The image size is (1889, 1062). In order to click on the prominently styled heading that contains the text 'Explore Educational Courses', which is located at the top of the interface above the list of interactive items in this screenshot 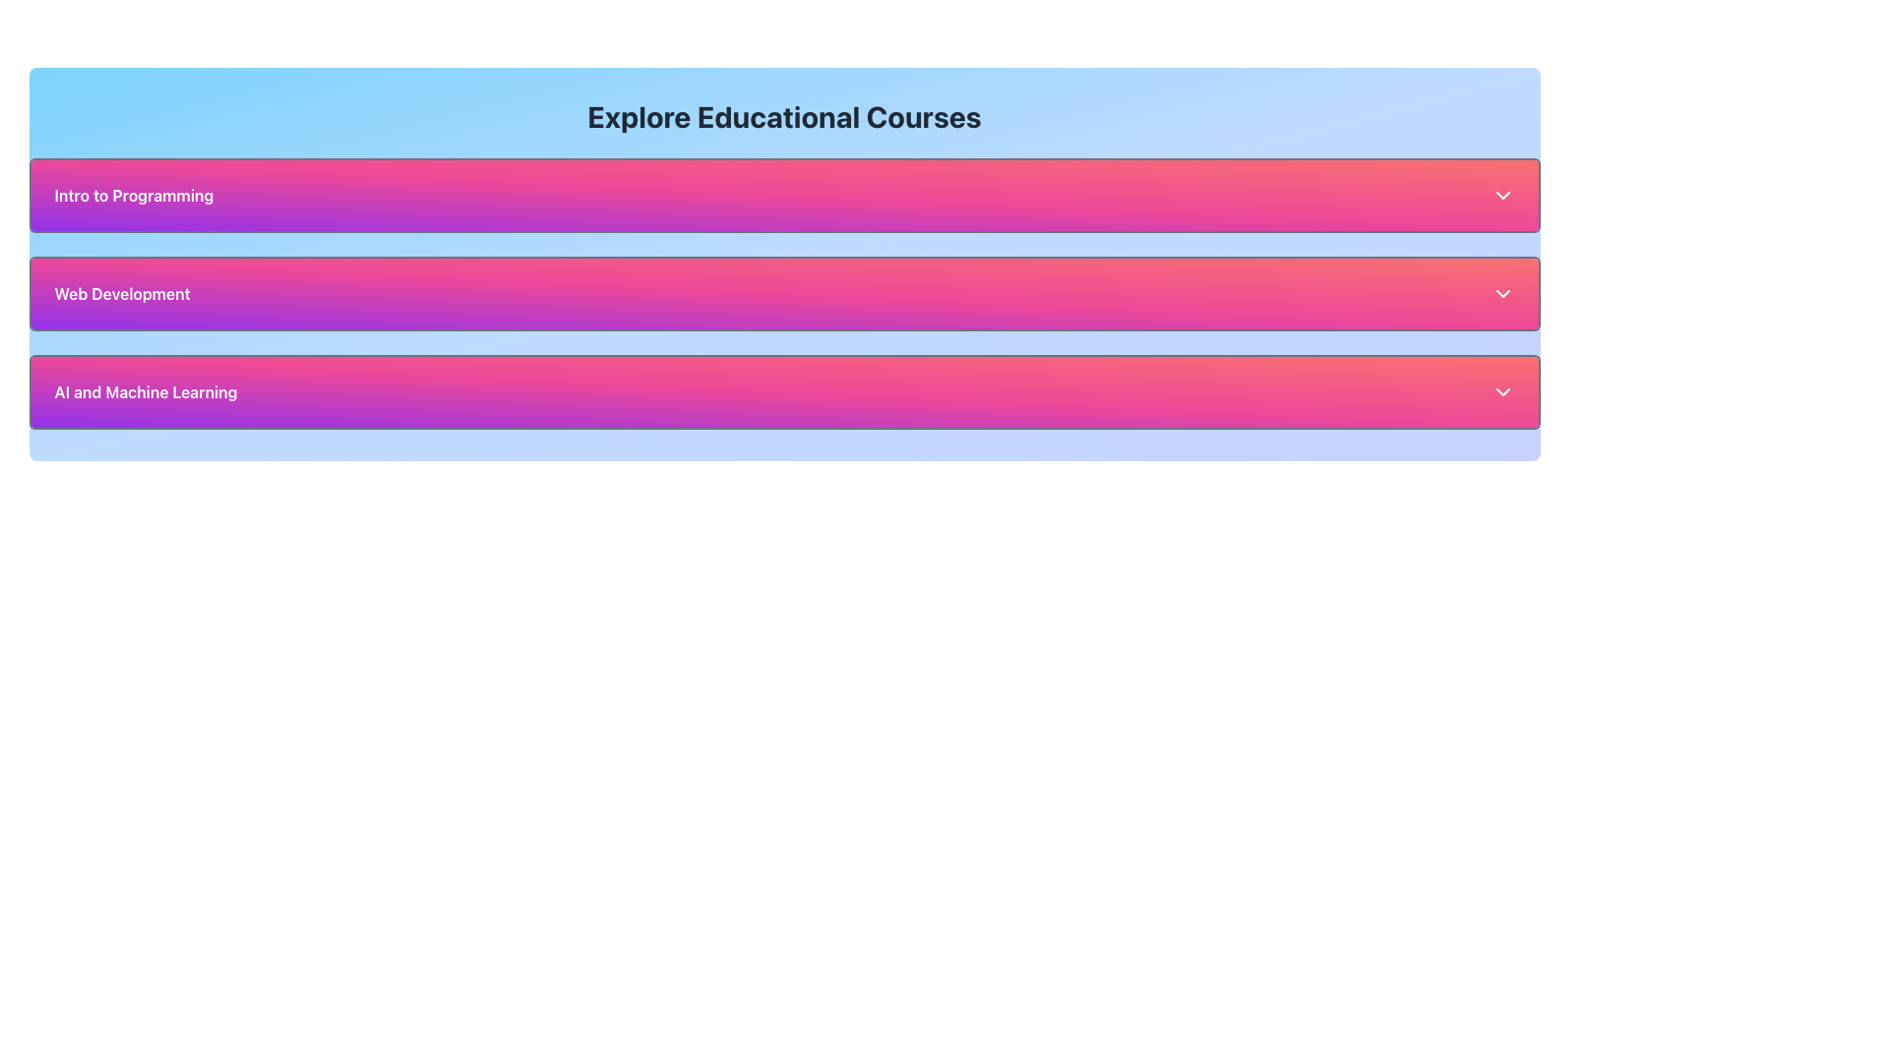, I will do `click(783, 117)`.